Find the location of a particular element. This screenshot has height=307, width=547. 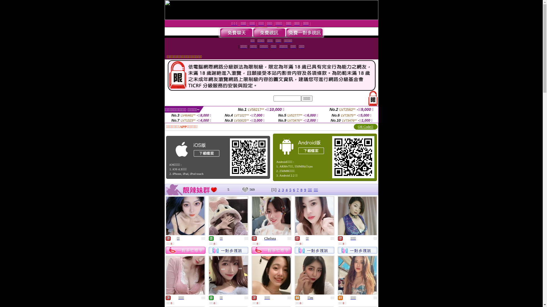

'Chelsea' is located at coordinates (270, 238).